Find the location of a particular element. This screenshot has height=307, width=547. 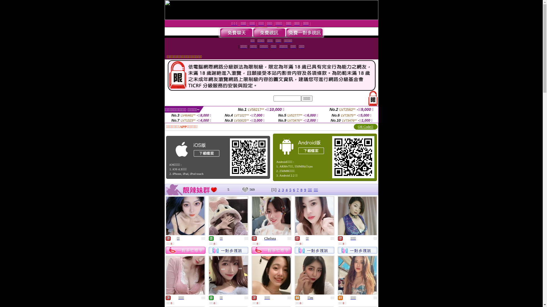

'Chelsea' is located at coordinates (270, 238).